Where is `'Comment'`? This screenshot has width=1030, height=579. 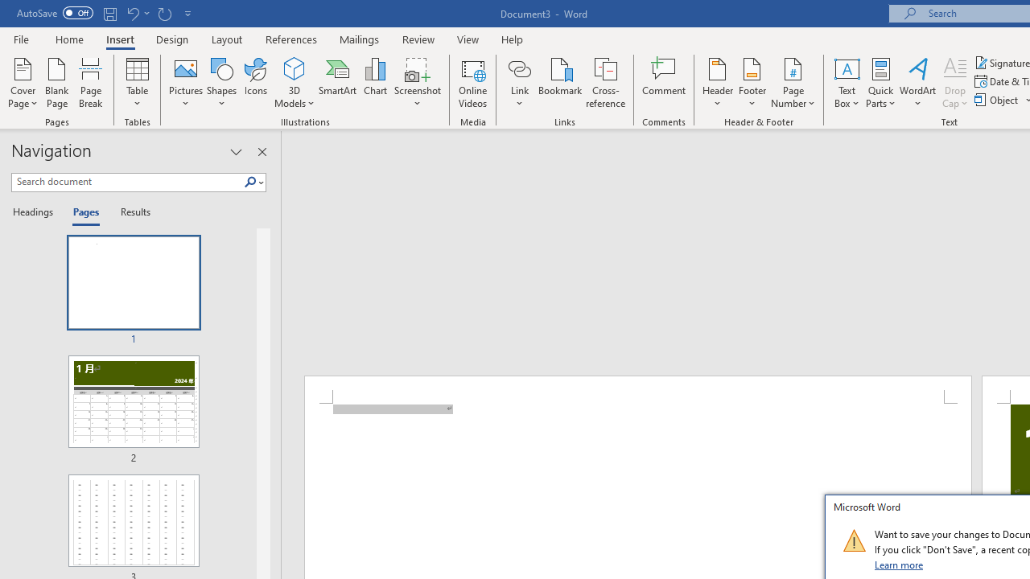 'Comment' is located at coordinates (664, 83).